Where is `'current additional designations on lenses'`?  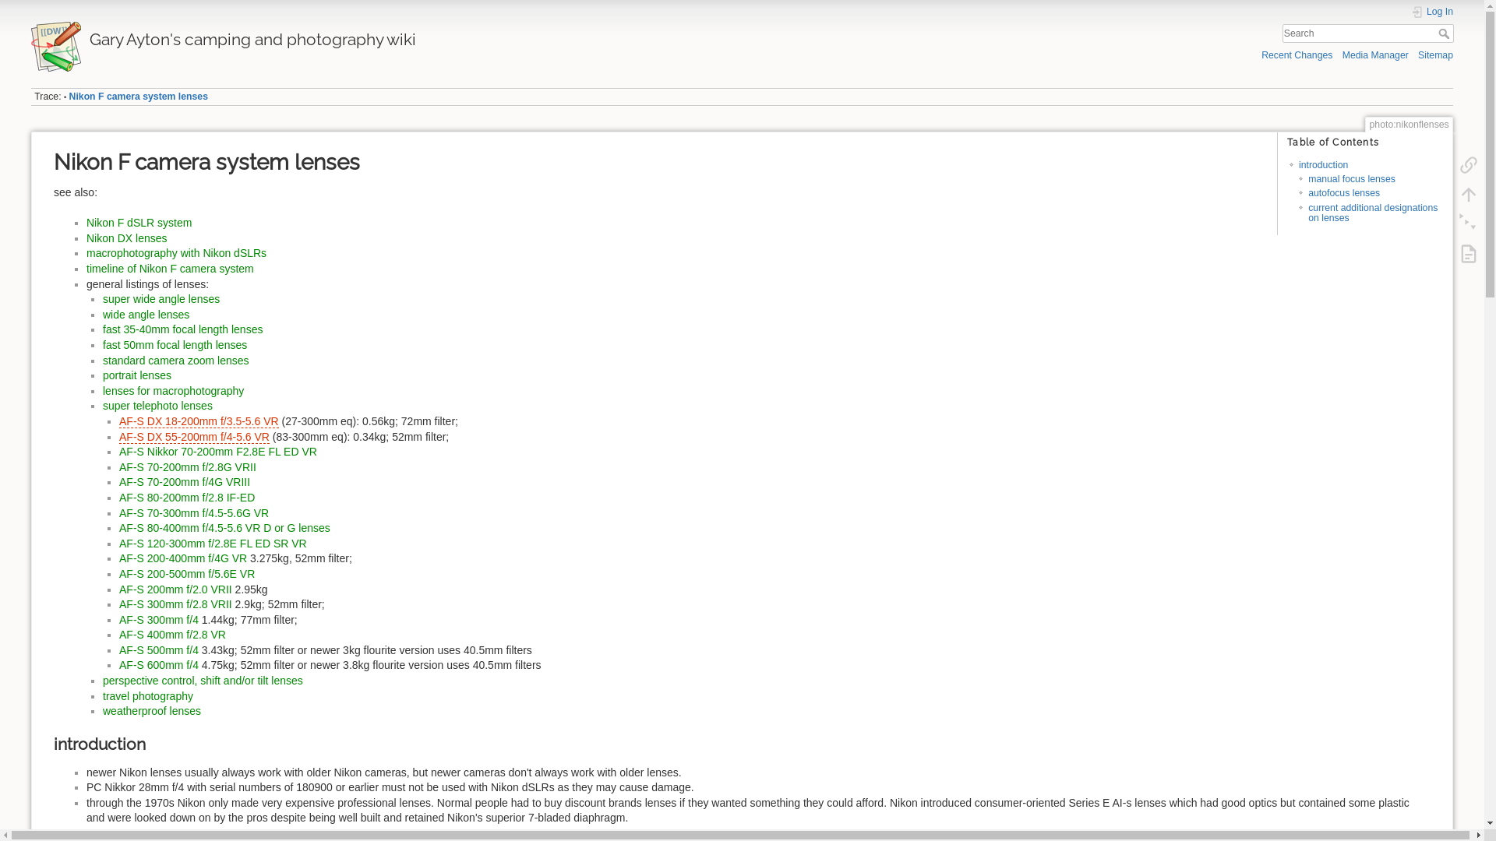 'current additional designations on lenses' is located at coordinates (1372, 213).